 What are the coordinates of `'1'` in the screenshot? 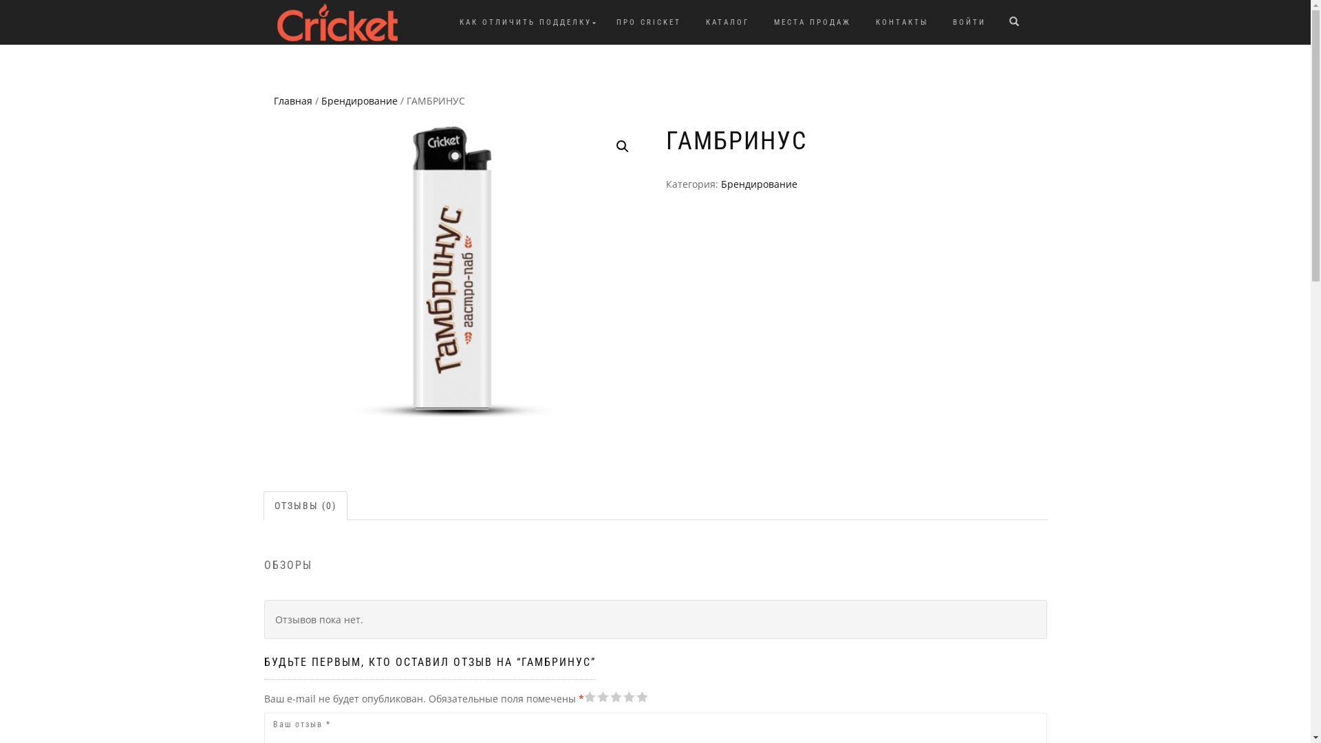 It's located at (583, 697).